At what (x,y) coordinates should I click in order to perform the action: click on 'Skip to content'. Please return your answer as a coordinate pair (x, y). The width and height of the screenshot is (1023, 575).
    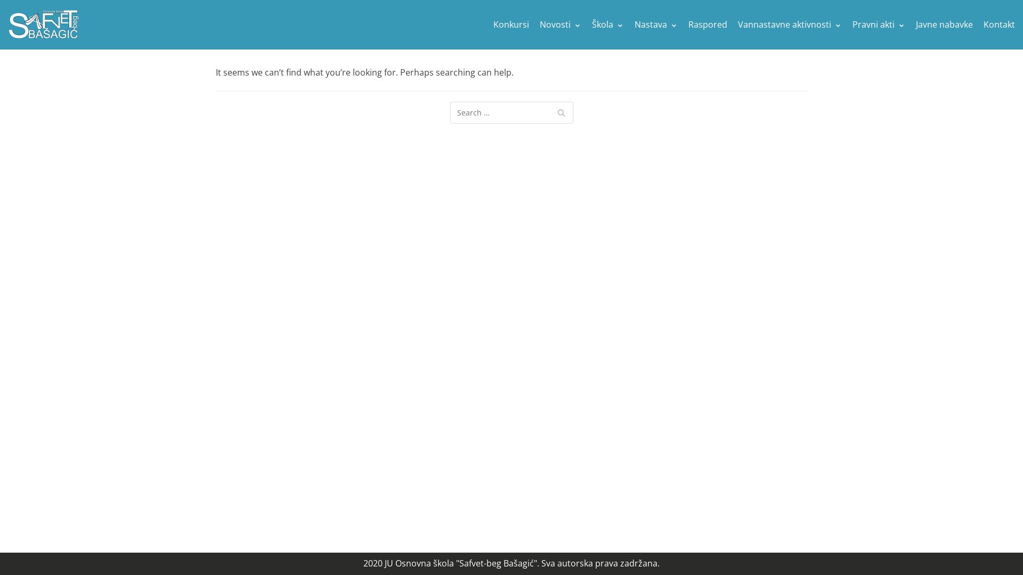
    Looking at the image, I should click on (10, 5).